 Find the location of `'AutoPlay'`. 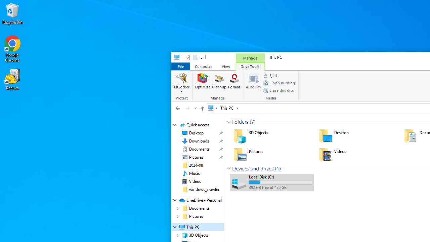

'AutoPlay' is located at coordinates (253, 82).